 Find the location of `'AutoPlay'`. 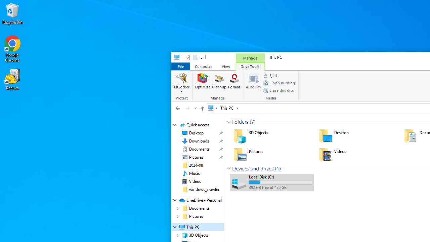

'AutoPlay' is located at coordinates (253, 82).